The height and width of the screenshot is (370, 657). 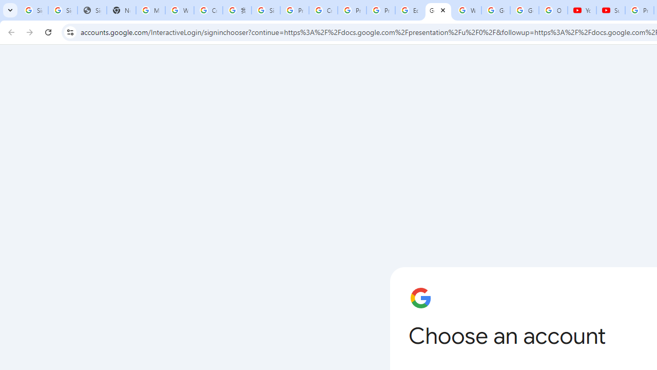 What do you see at coordinates (180, 10) in the screenshot?
I see `'Who is my administrator? - Google Account Help'` at bounding box center [180, 10].